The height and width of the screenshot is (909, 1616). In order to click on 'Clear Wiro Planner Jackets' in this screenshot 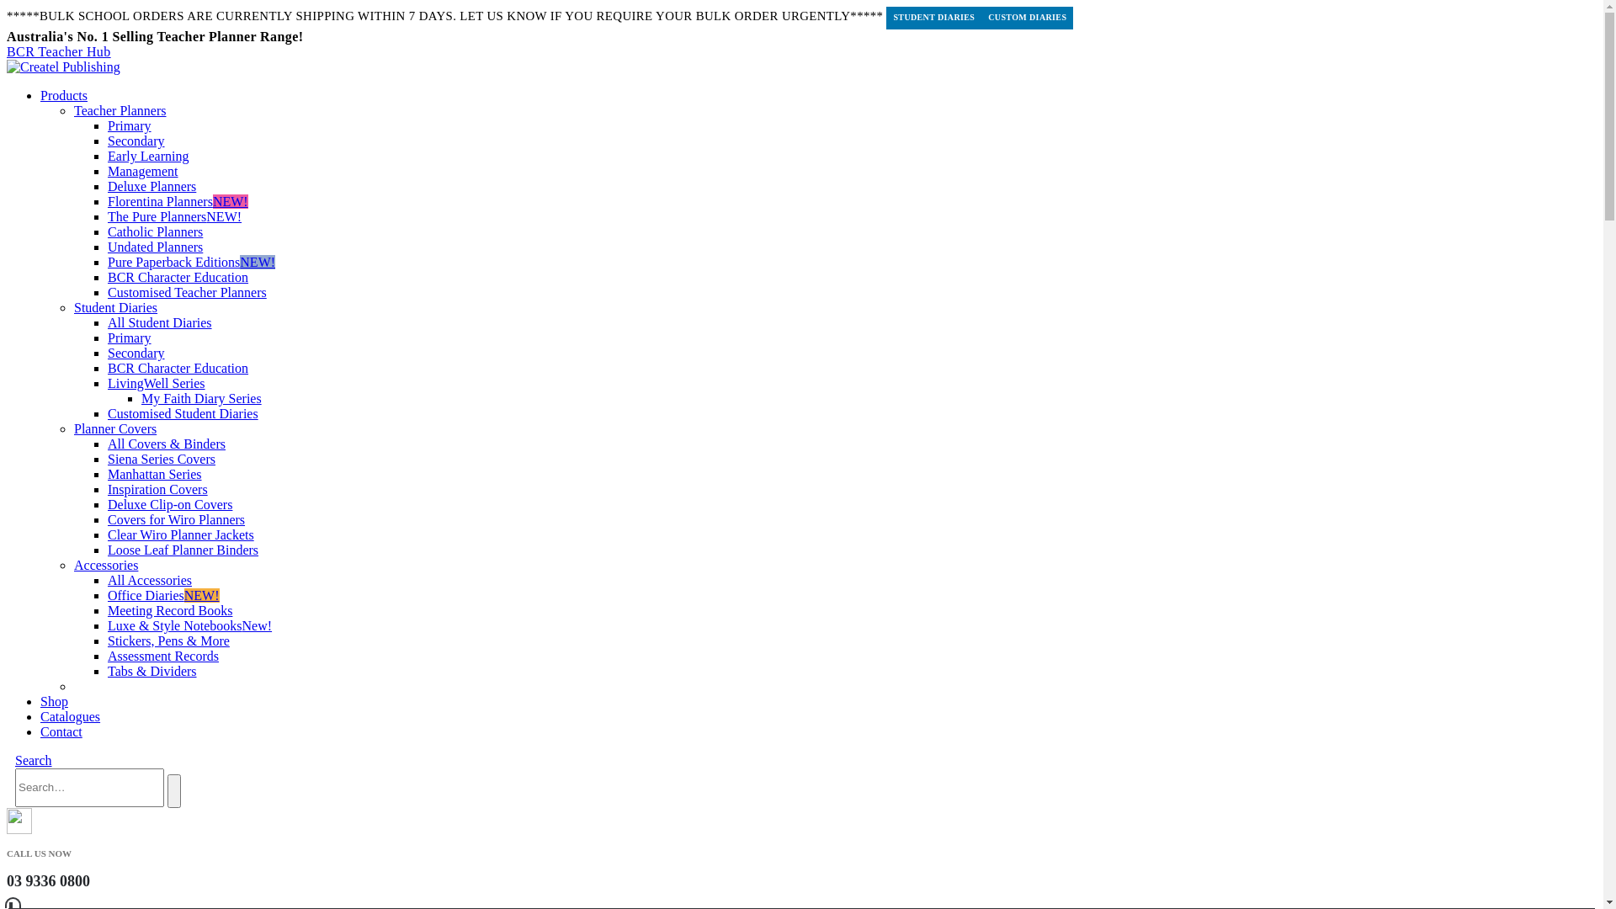, I will do `click(181, 534)`.